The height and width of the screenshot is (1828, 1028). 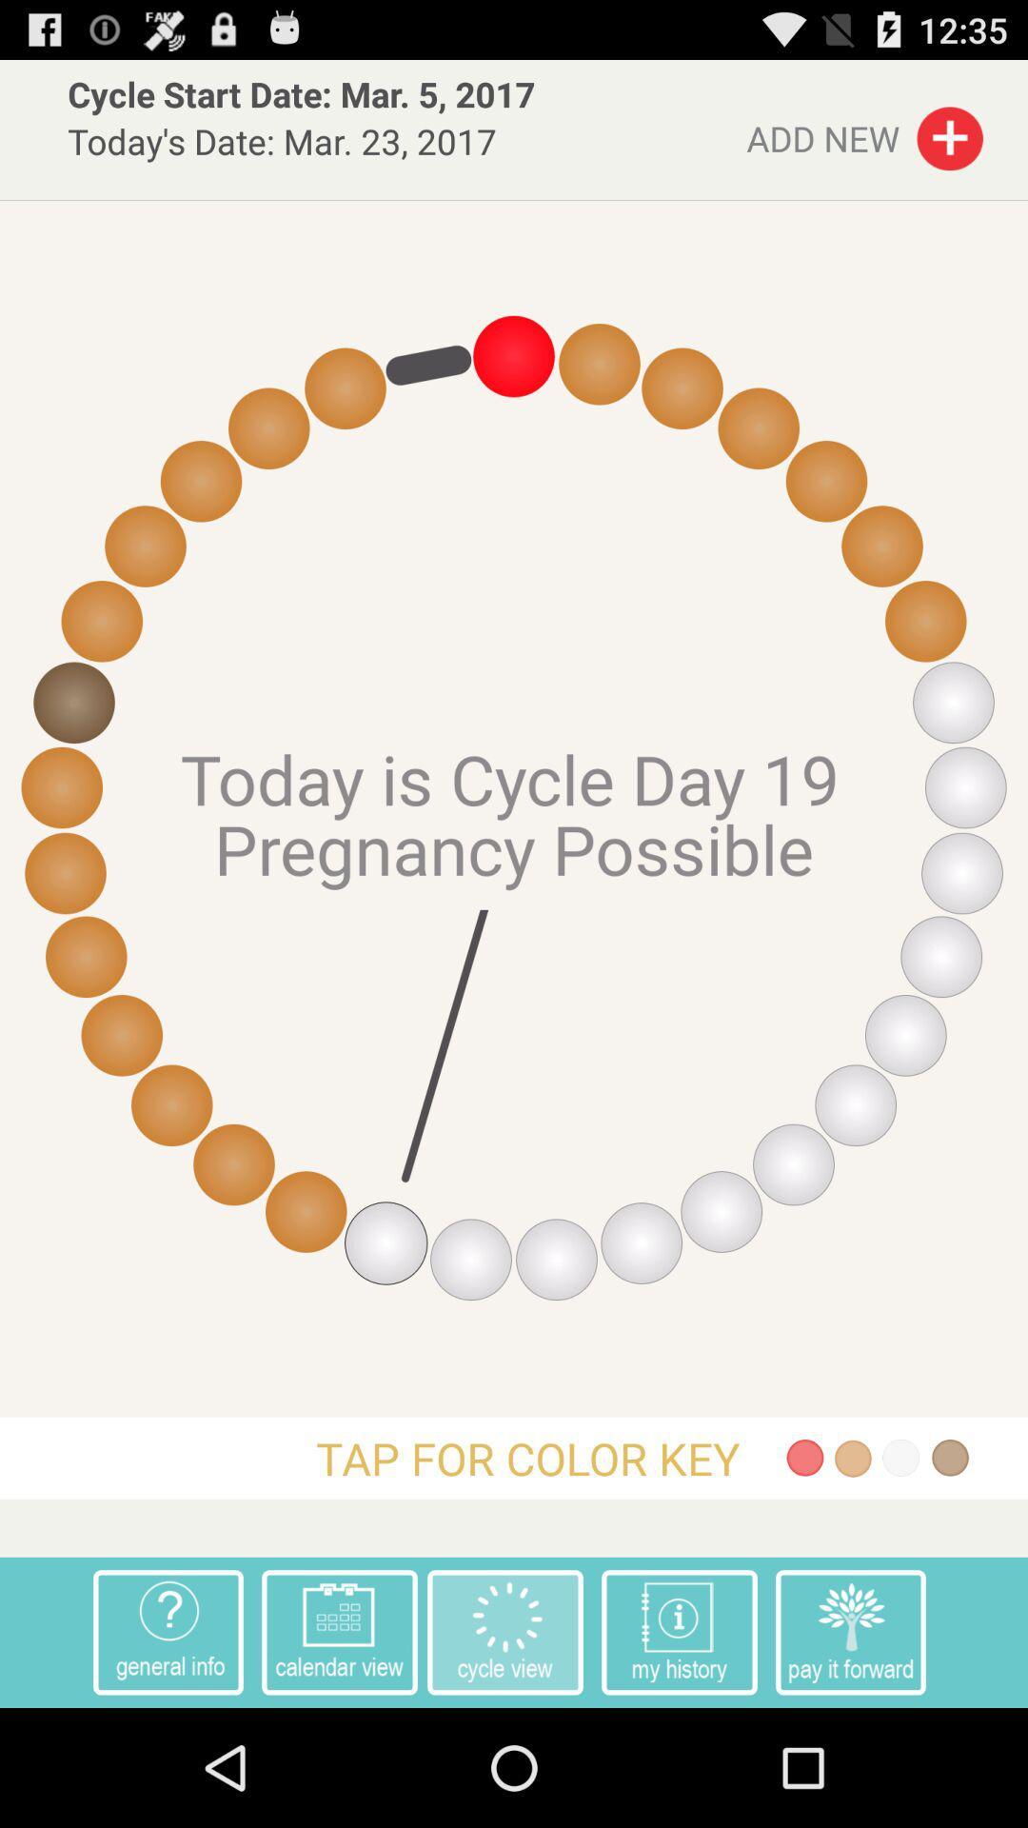 What do you see at coordinates (850, 1631) in the screenshot?
I see `the item next to the   item` at bounding box center [850, 1631].